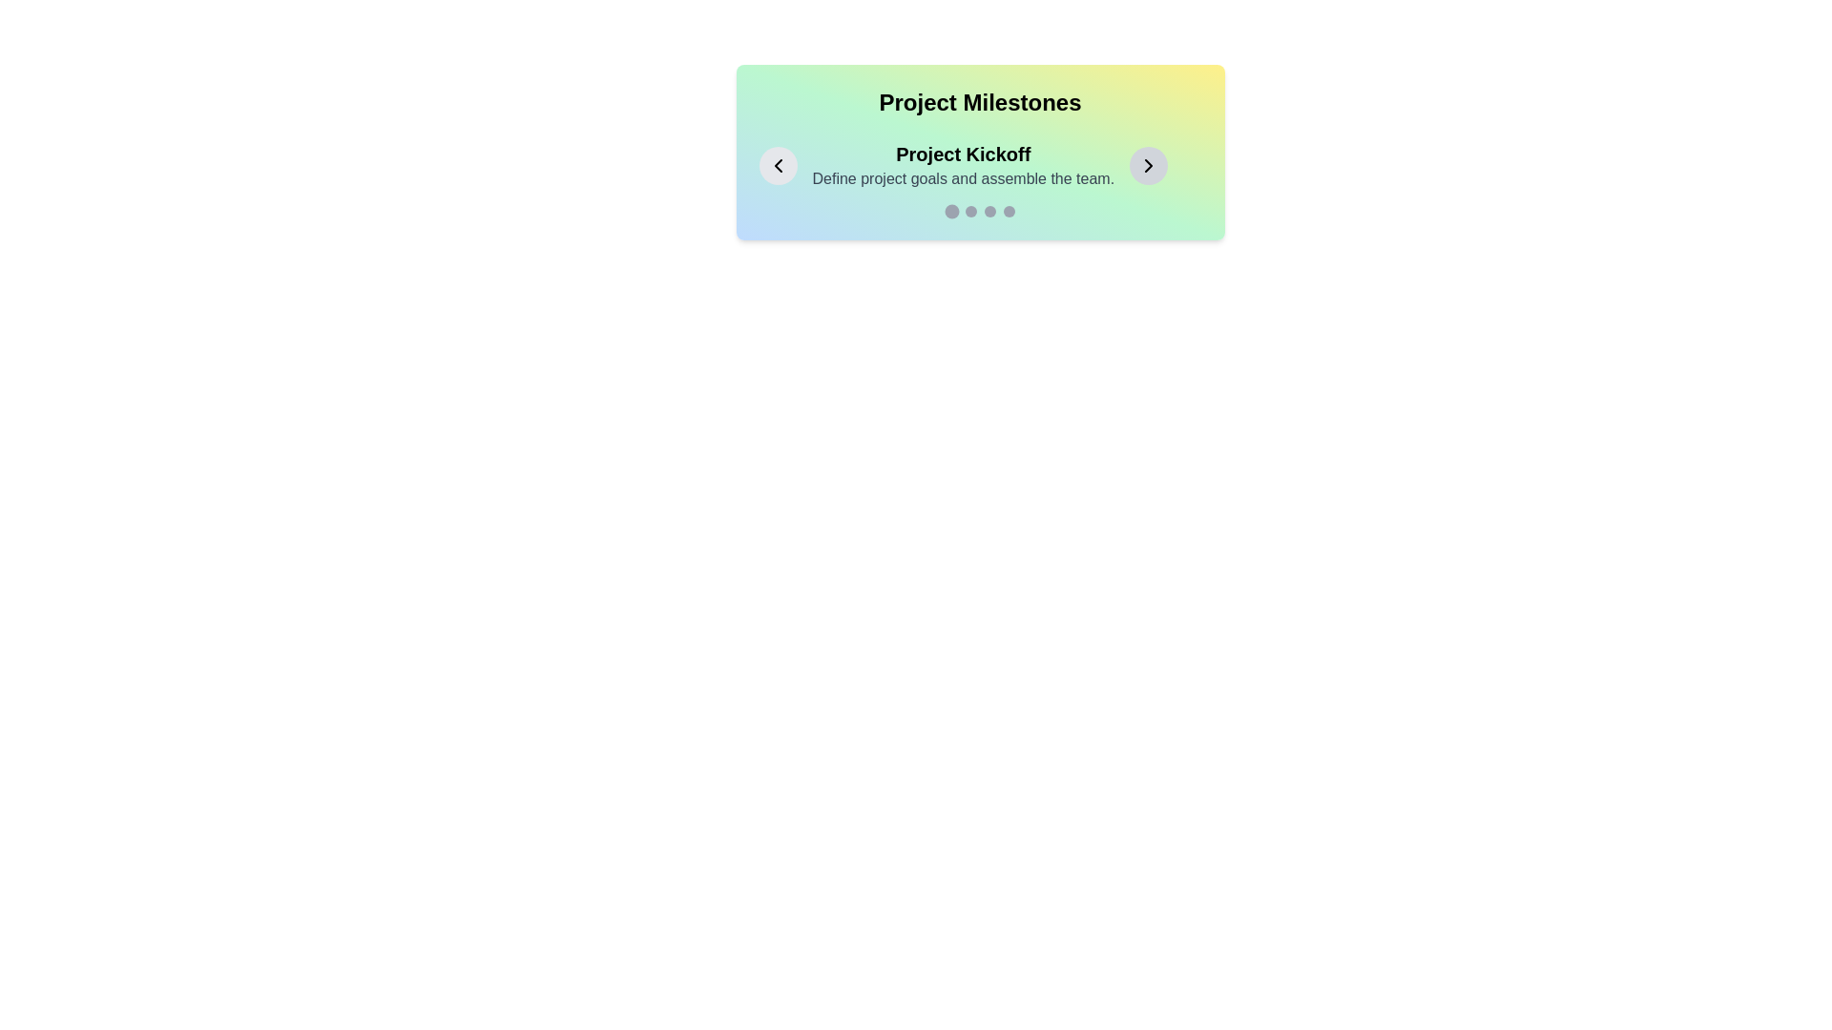  Describe the element at coordinates (778, 164) in the screenshot. I see `the left-pointing chevron icon which is part of the navigation interface in the 'Project Milestones' card` at that location.